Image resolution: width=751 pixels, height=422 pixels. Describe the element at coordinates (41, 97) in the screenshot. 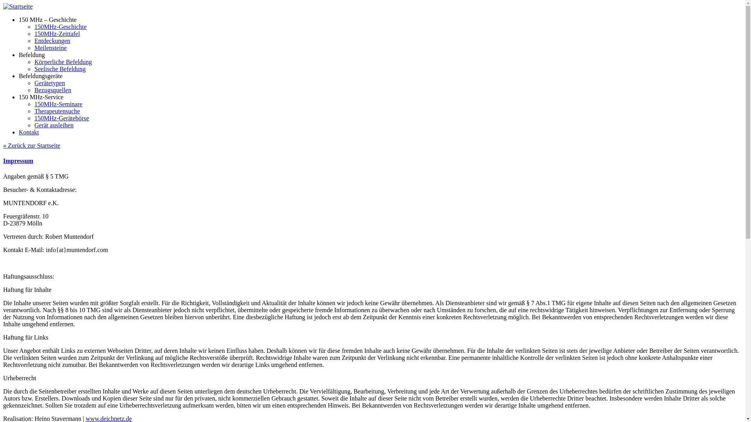

I see `'150 MHz-Service'` at that location.